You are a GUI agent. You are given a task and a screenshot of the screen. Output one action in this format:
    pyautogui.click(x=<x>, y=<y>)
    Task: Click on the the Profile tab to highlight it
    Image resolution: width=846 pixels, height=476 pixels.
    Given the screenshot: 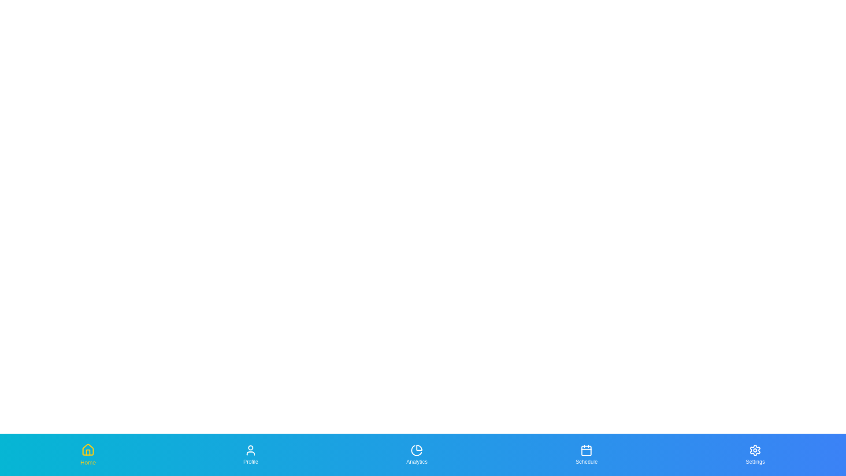 What is the action you would take?
    pyautogui.click(x=250, y=455)
    